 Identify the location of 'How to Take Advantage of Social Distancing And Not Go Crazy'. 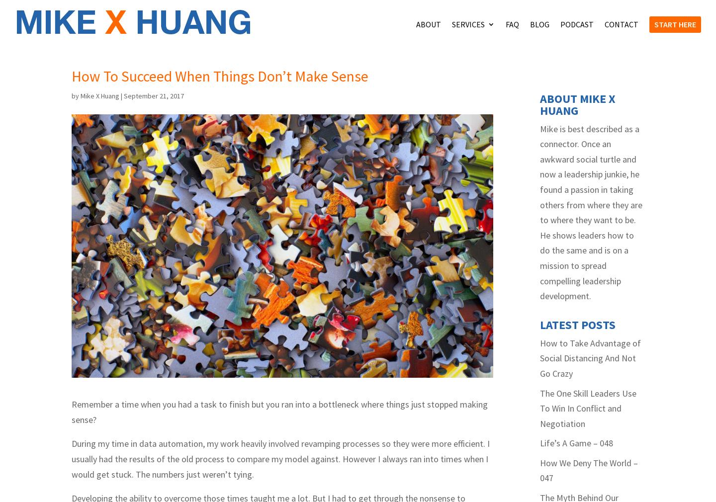
(590, 452).